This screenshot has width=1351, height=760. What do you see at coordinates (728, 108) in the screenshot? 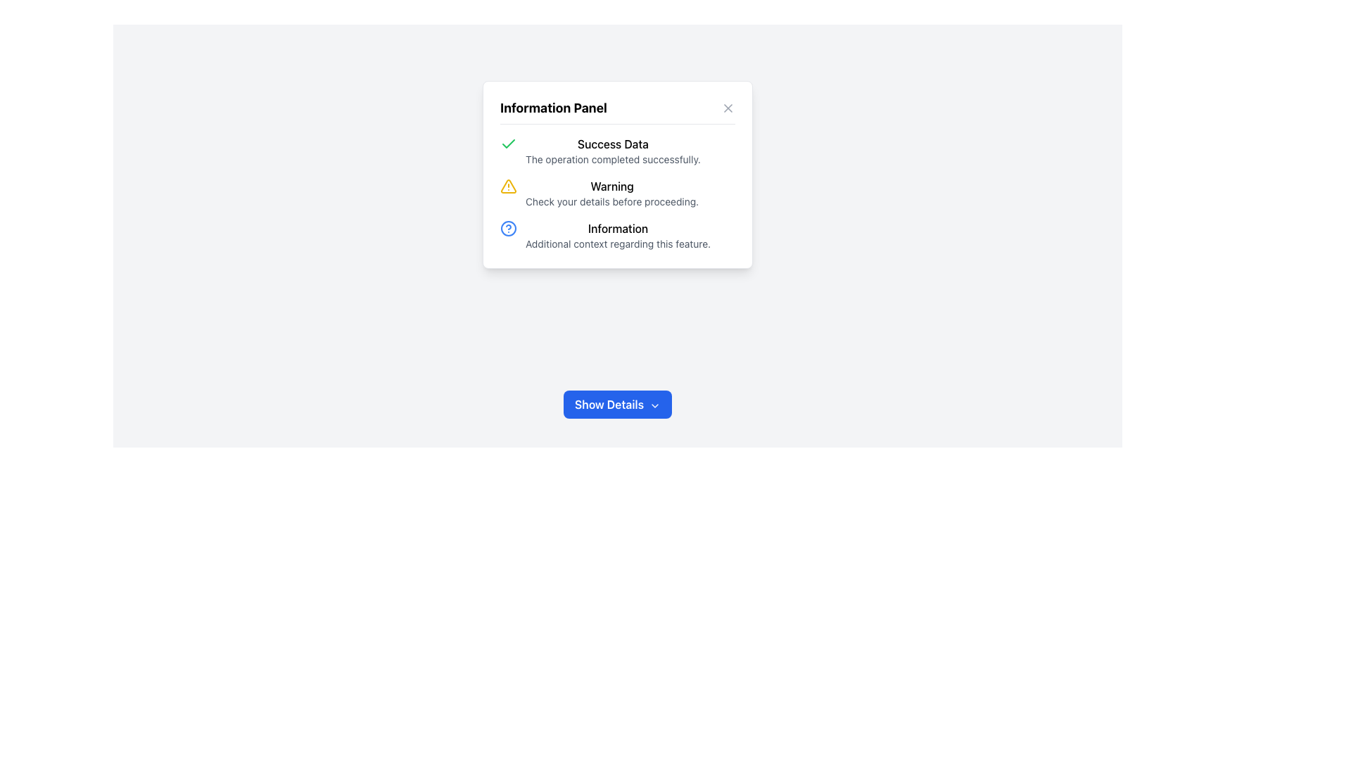
I see `the 'X' button in the upper-right corner of the 'Information Panel'` at bounding box center [728, 108].